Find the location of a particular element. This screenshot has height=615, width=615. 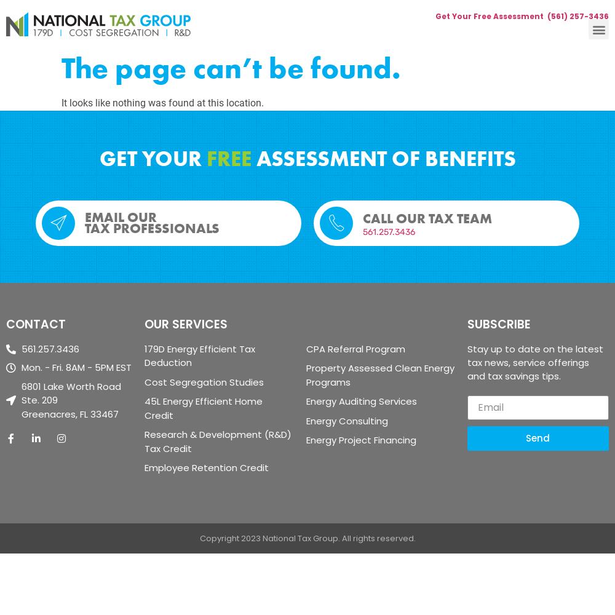

'The page can’t be found.' is located at coordinates (231, 67).